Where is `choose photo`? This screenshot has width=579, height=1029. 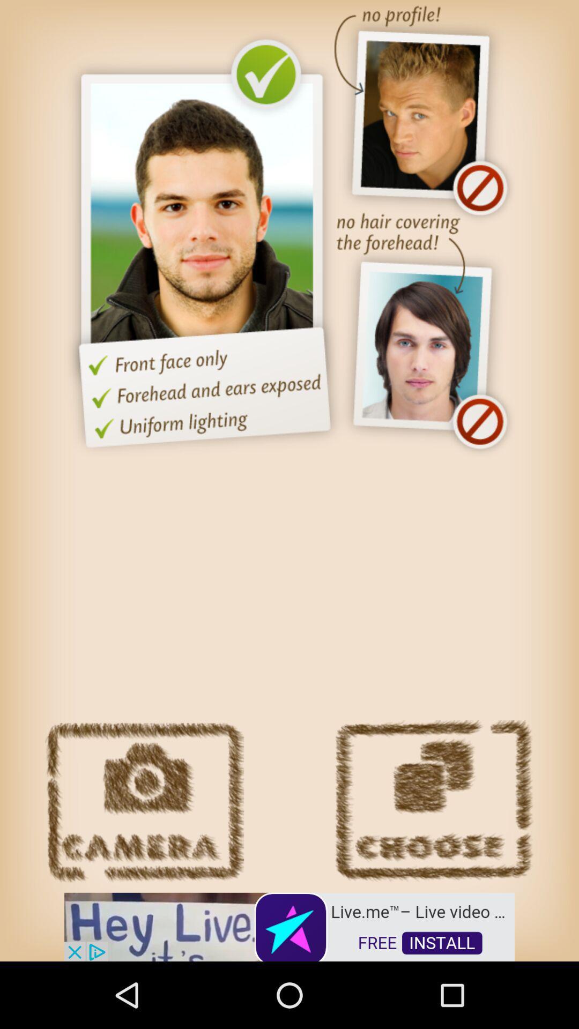
choose photo is located at coordinates (433, 801).